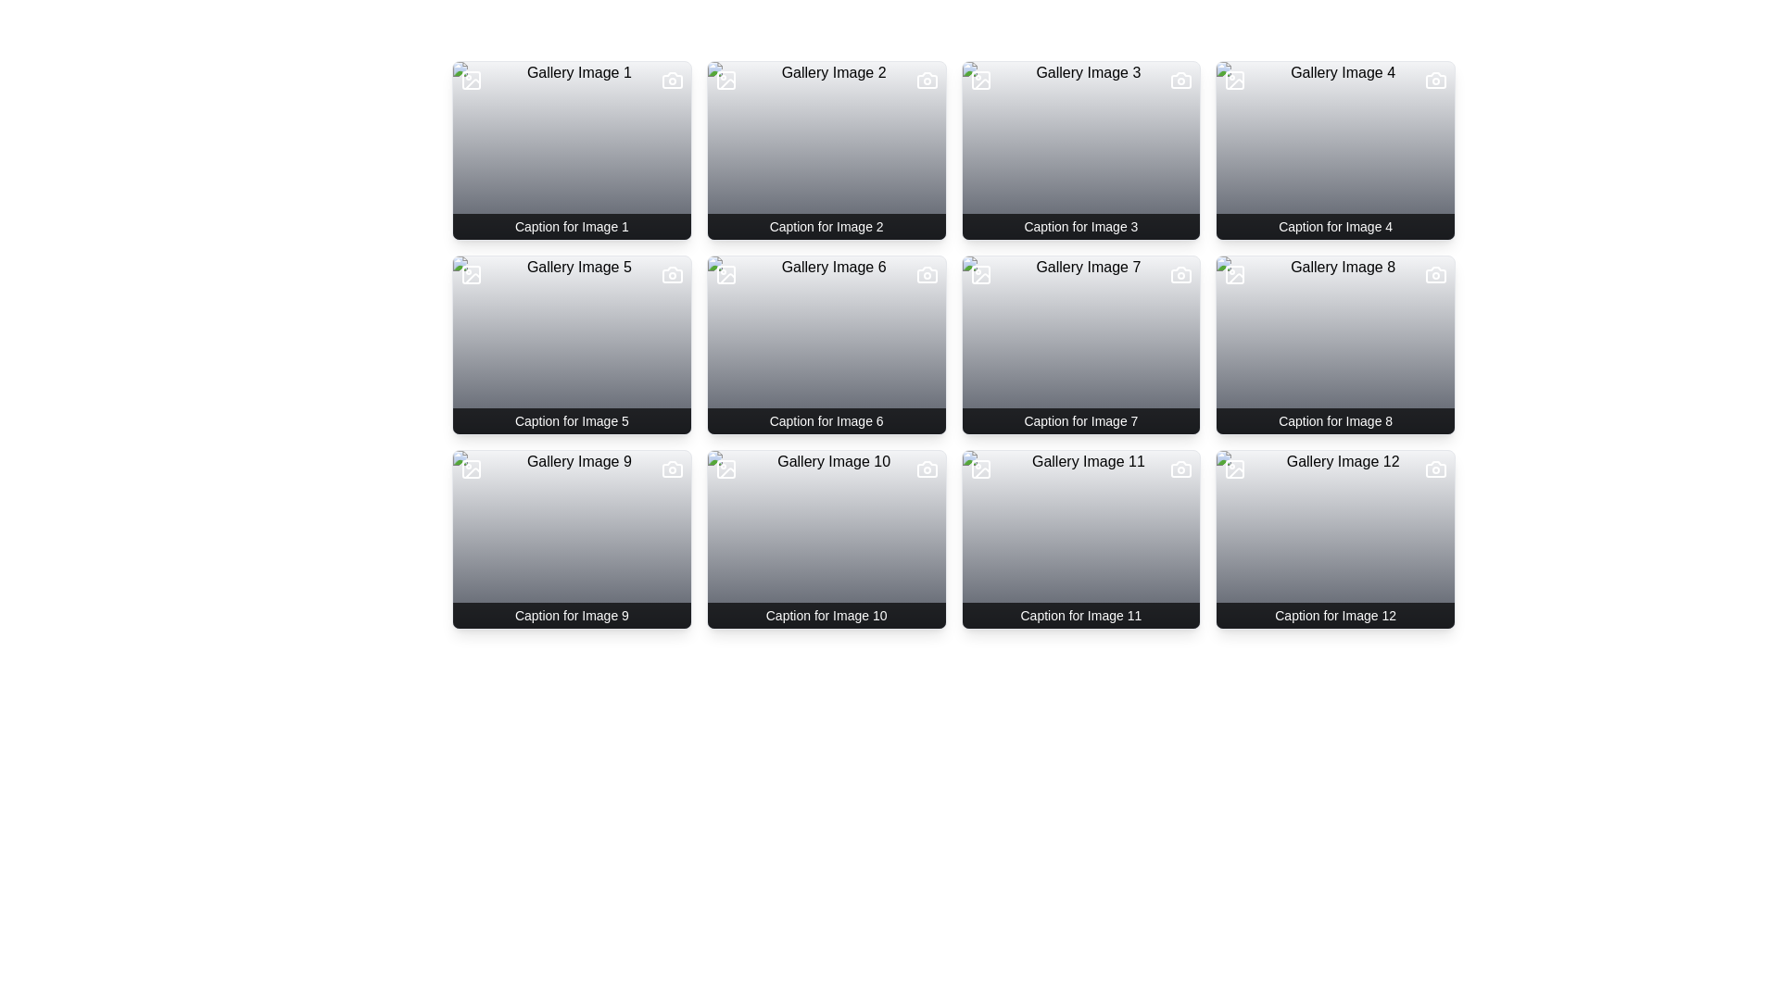 The image size is (1779, 1000). What do you see at coordinates (1335, 615) in the screenshot?
I see `text from the descriptive caption located at the bottom of the 'Gallery Image 12' card in the last column of the fourth row` at bounding box center [1335, 615].